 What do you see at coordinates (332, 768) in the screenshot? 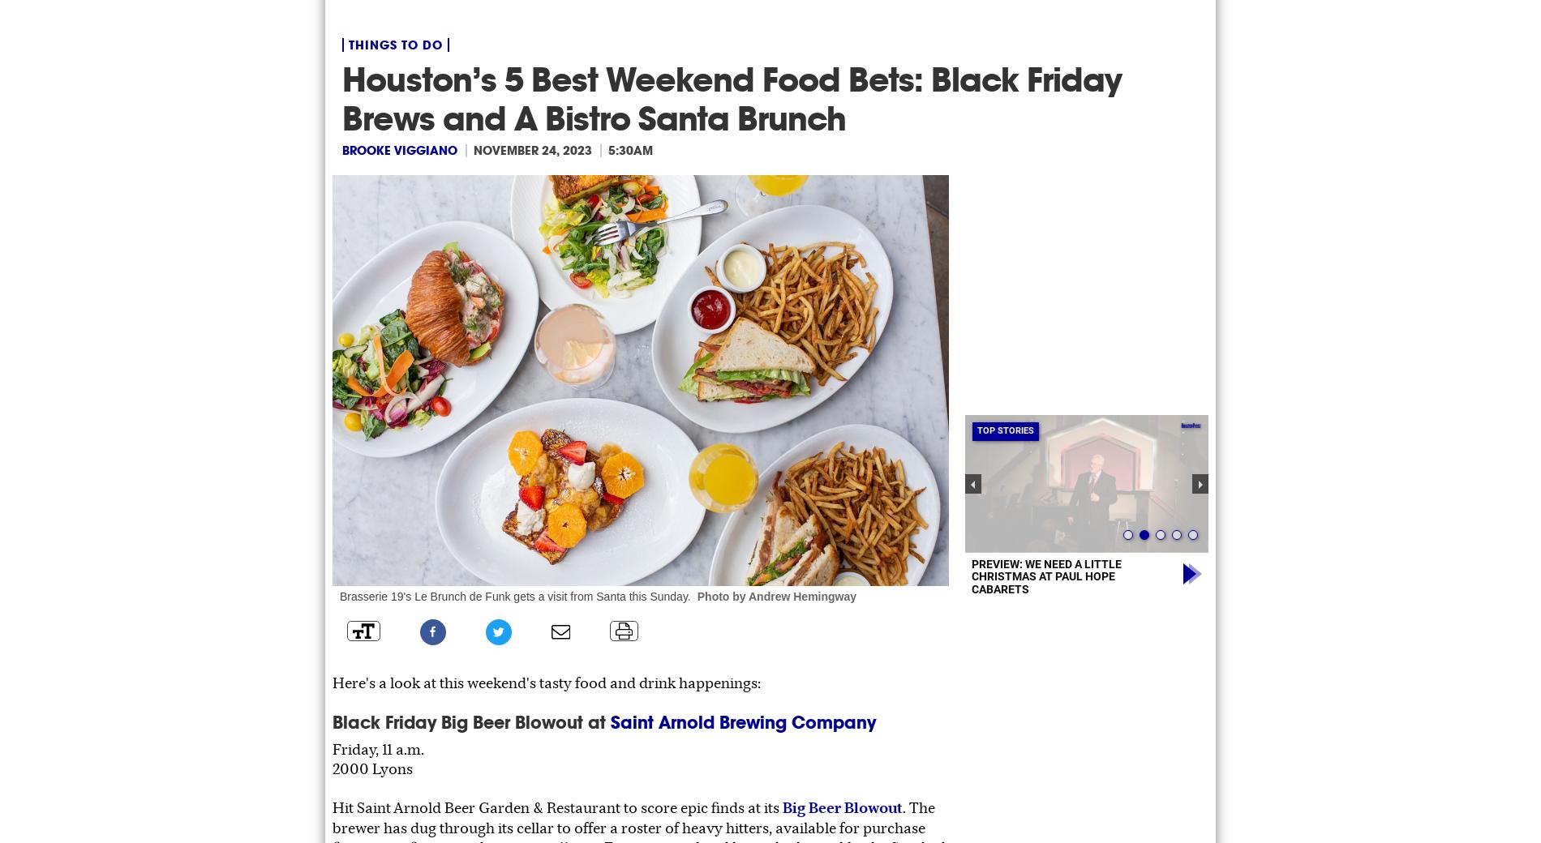
I see `'2000 Lyons'` at bounding box center [332, 768].